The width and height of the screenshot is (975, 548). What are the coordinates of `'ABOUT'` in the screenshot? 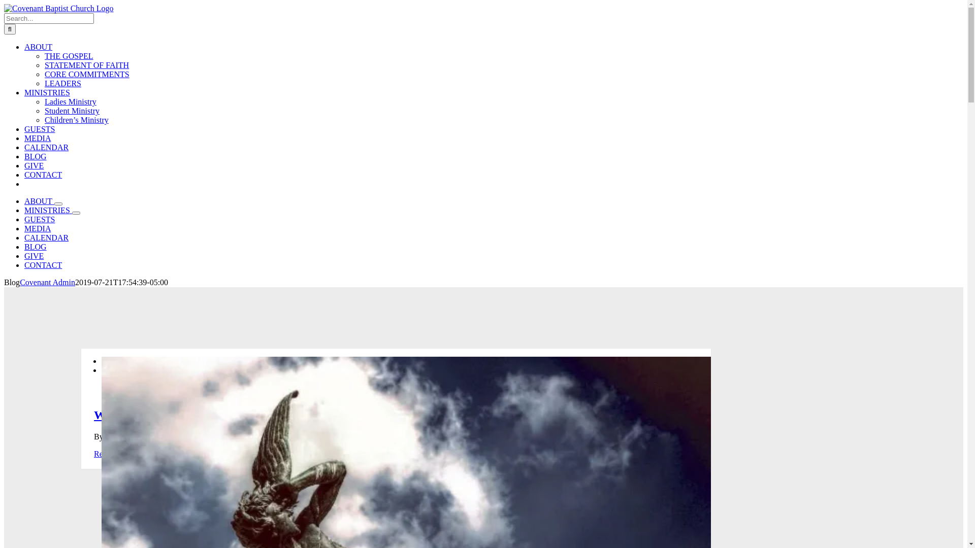 It's located at (39, 201).